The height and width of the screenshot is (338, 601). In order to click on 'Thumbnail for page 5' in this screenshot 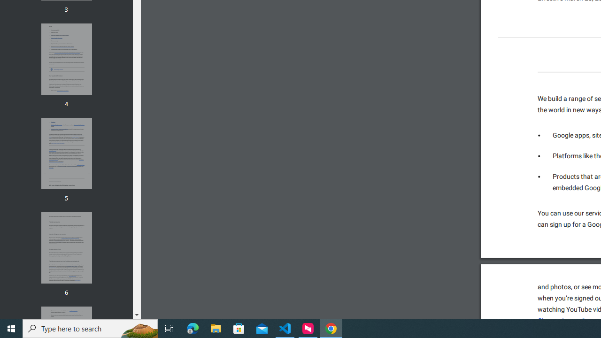, I will do `click(66, 153)`.